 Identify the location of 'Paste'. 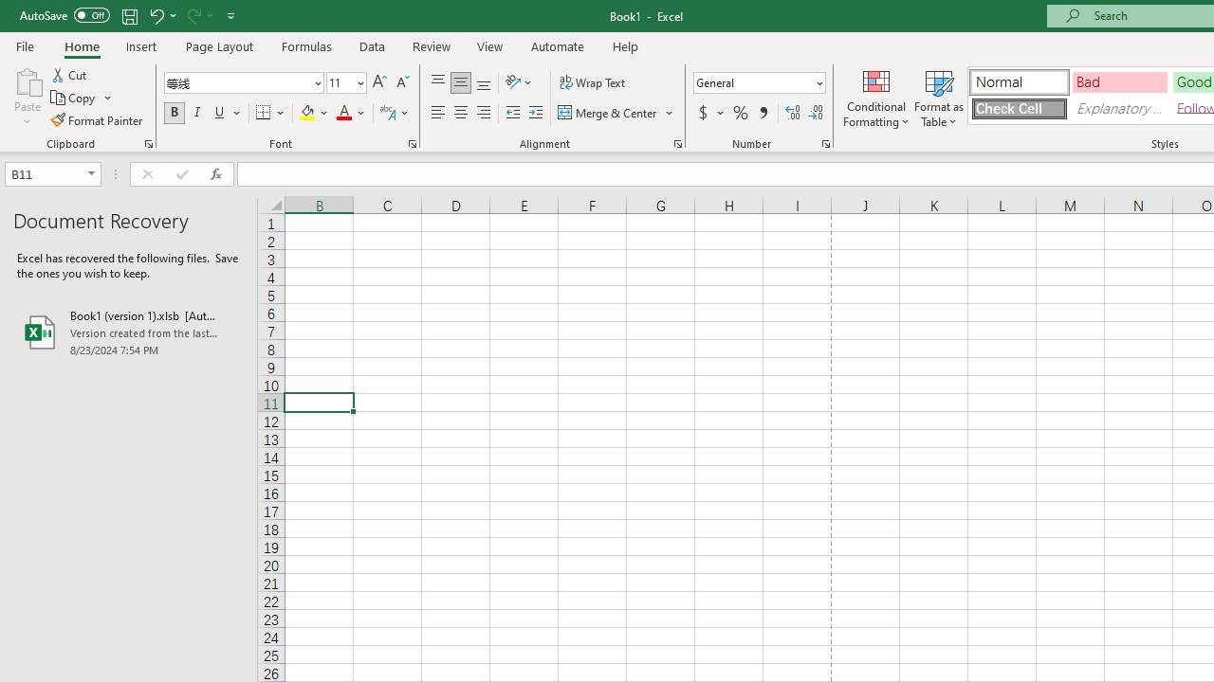
(27, 80).